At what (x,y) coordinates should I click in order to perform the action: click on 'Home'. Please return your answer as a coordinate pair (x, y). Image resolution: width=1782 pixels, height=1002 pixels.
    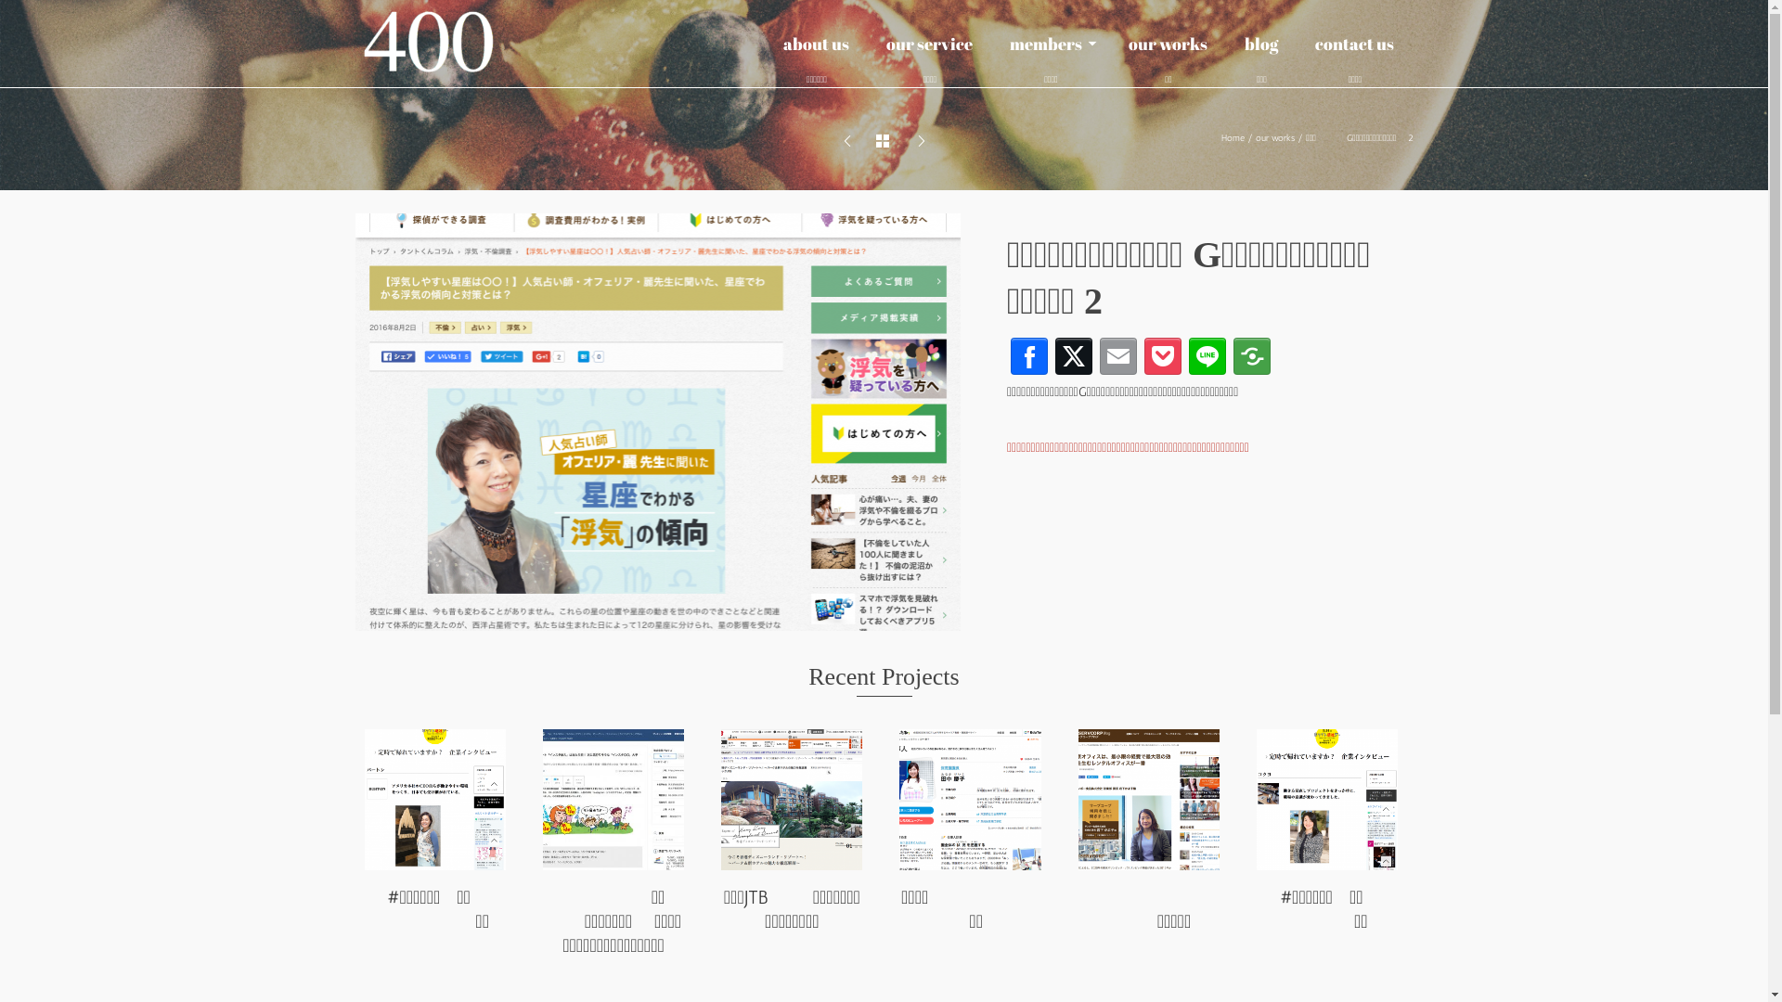
    Looking at the image, I should click on (1233, 137).